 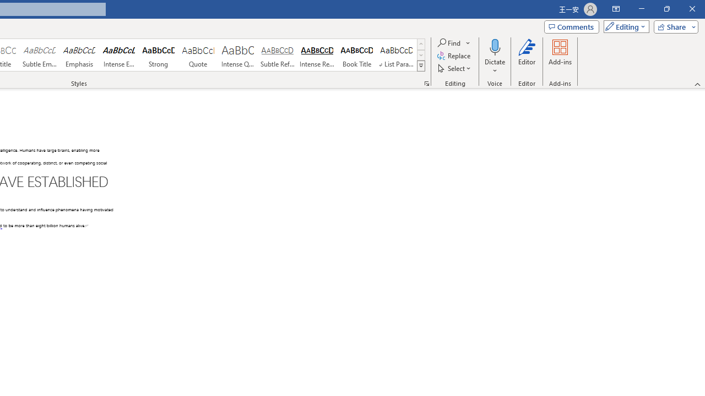 I want to click on 'Styles...', so click(x=426, y=82).